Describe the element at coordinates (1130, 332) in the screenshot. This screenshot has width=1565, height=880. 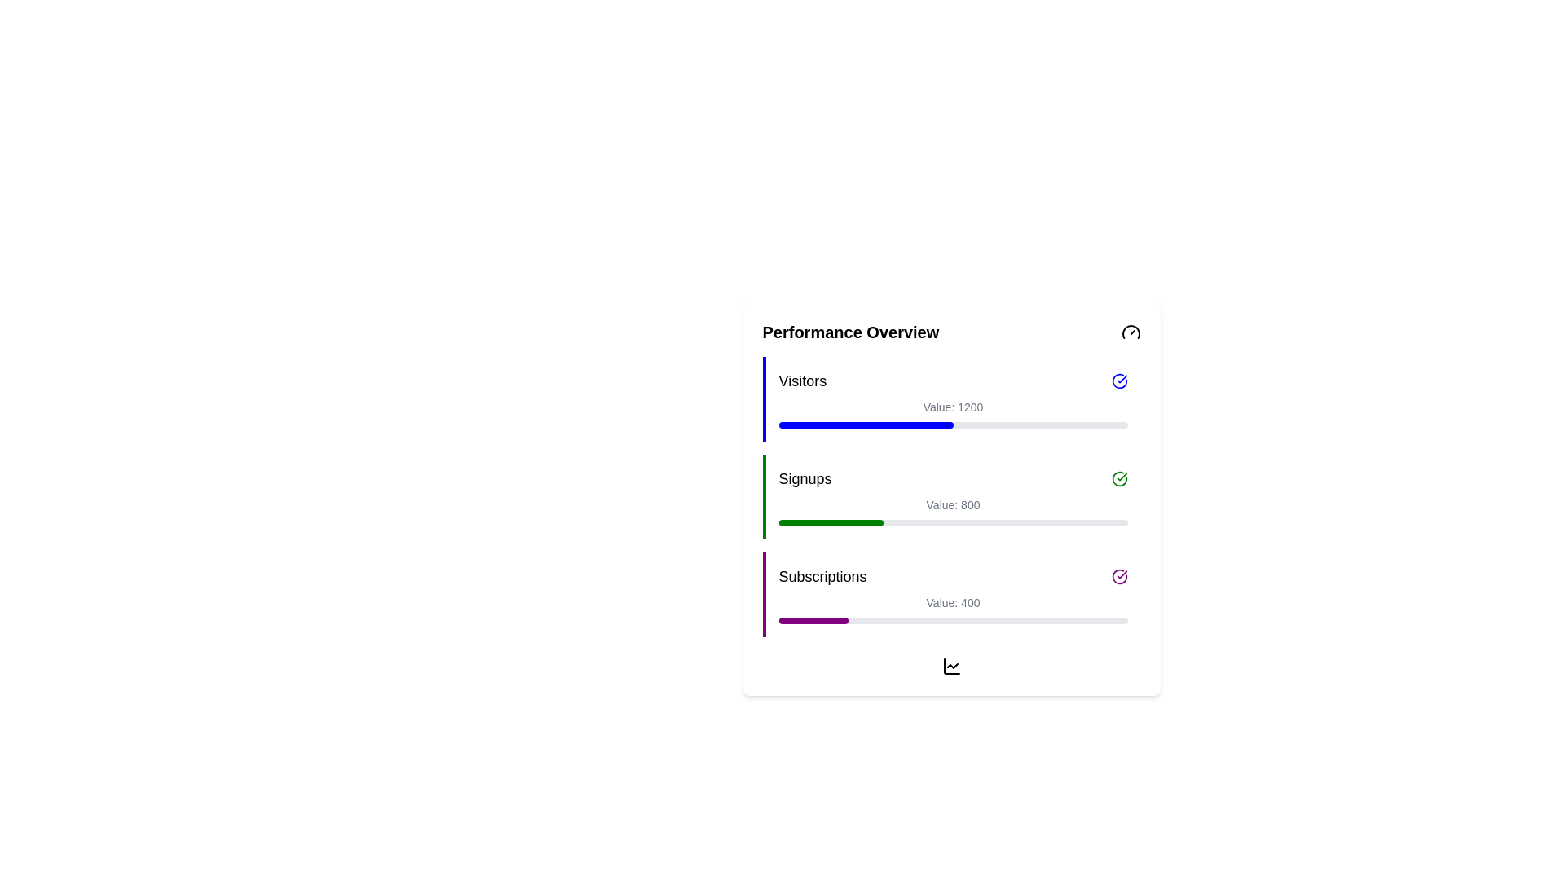
I see `the gauge icon in the 'Performance Overview' header, which is visually distinct with a semi-circular graphic and a needle pointing towards the center` at that location.